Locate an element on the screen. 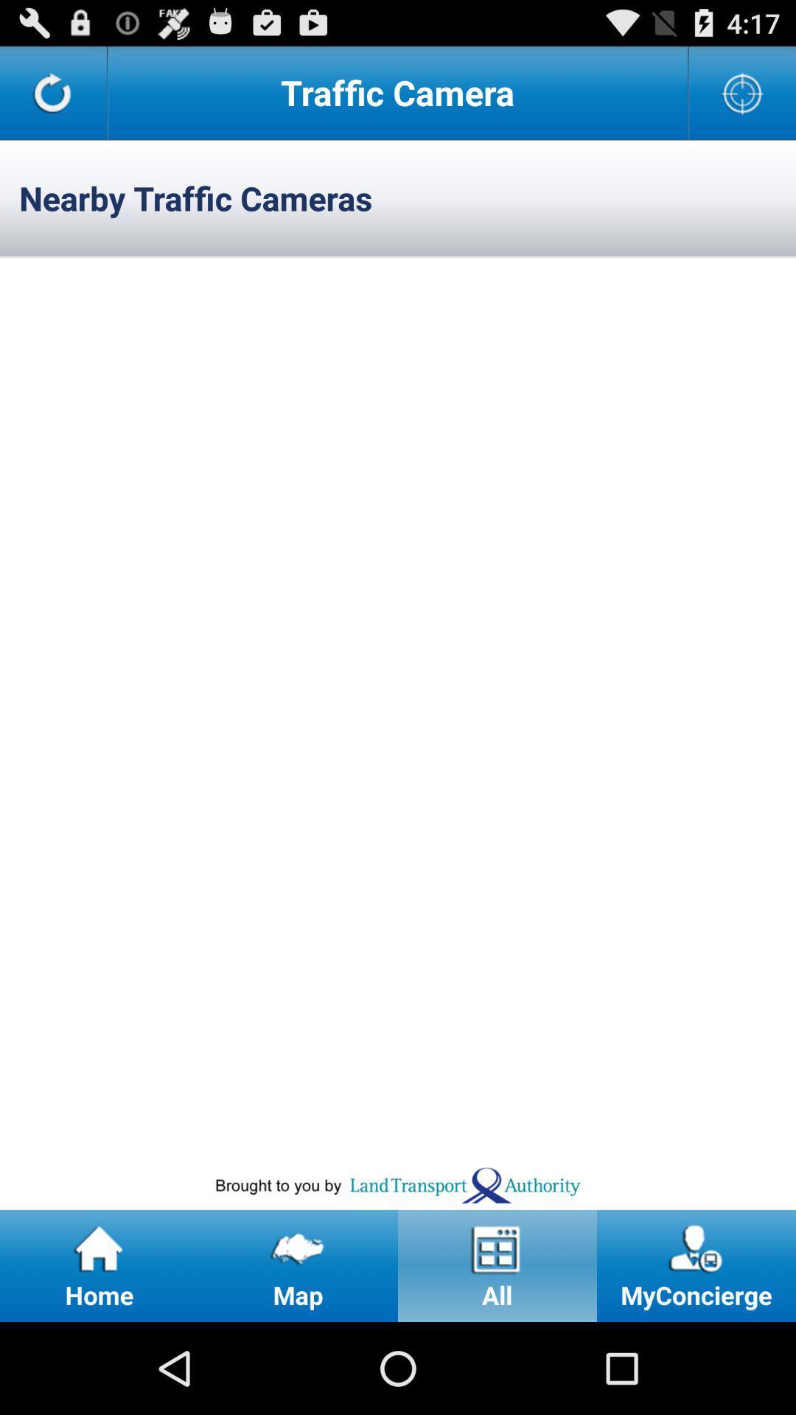  the location_crosshair icon is located at coordinates (742, 98).